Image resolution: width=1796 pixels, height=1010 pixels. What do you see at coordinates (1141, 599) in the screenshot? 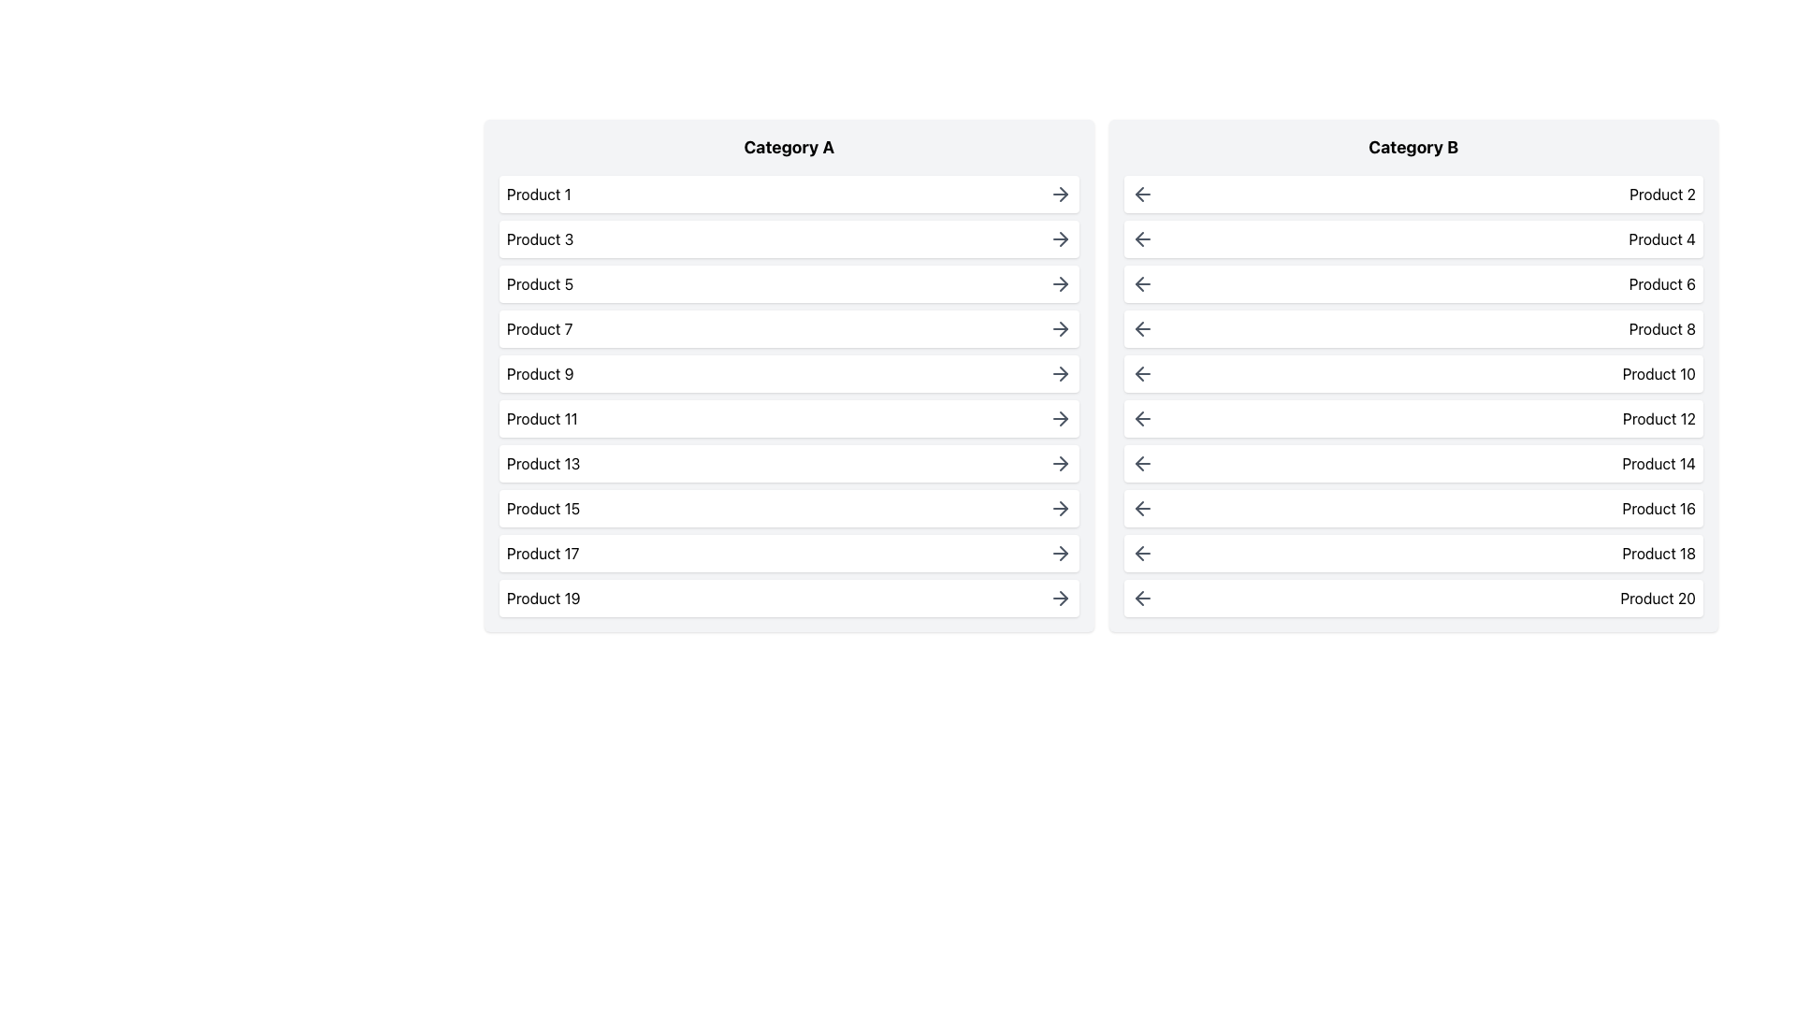
I see `the navigation button icon located in the right column under 'Category B', adjacent to 'Product 20'` at bounding box center [1141, 599].